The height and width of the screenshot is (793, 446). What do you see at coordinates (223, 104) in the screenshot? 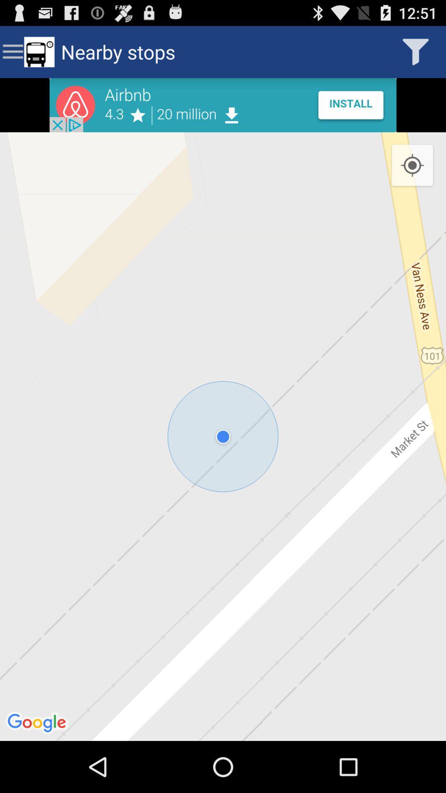
I see `advertisemwnt` at bounding box center [223, 104].